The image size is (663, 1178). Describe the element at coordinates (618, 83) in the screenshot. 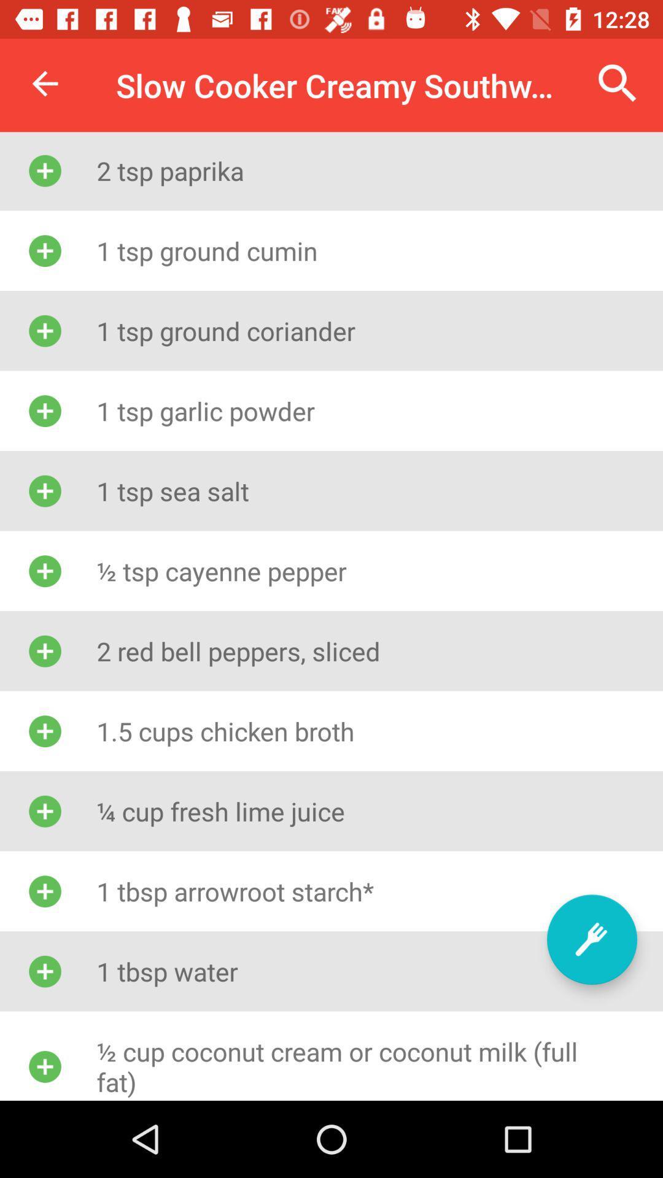

I see `the item to the right of the slow cooker creamy` at that location.